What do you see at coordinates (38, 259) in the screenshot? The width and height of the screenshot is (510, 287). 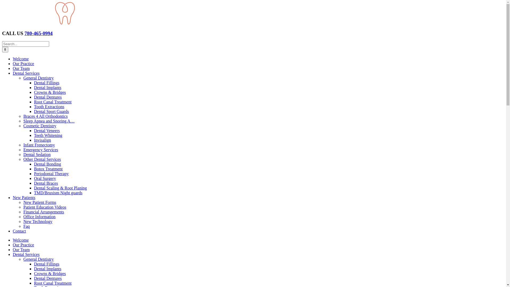 I see `'General Dentistry'` at bounding box center [38, 259].